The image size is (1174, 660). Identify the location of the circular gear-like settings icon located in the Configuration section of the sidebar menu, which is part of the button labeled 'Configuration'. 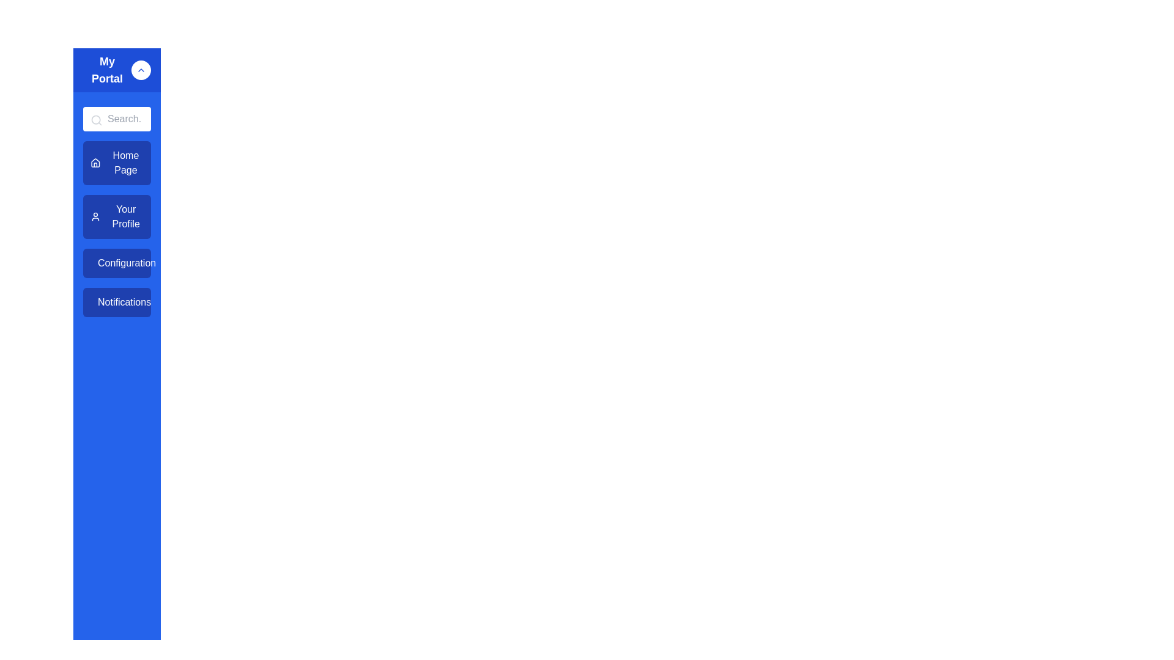
(97, 263).